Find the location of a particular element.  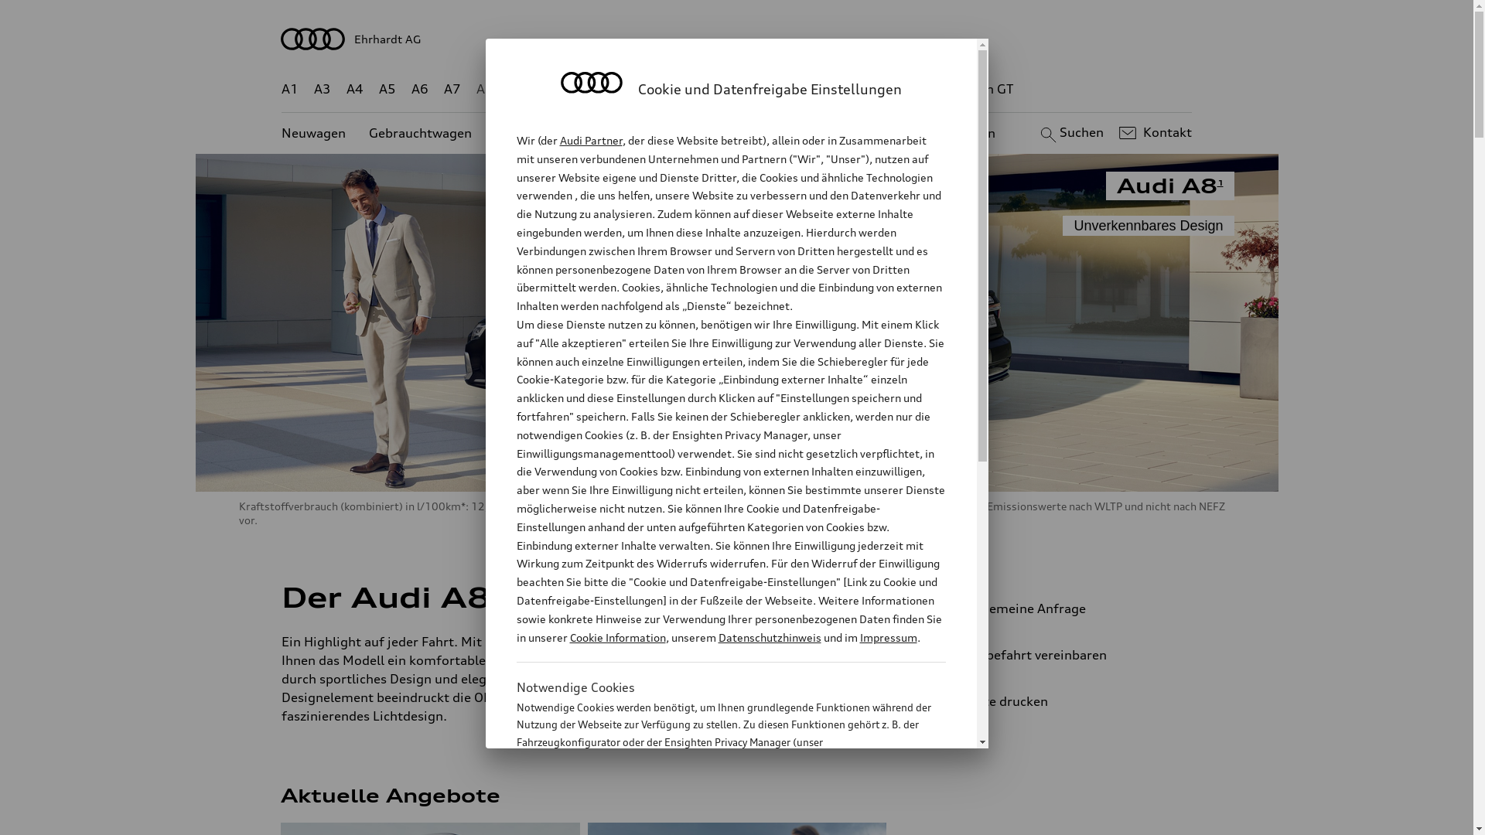

'g-tron' is located at coordinates (920, 89).